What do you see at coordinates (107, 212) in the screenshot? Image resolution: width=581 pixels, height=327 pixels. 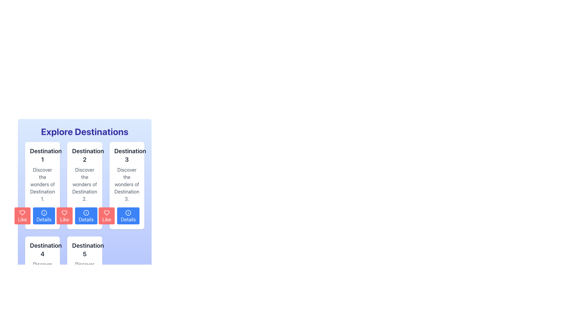 I see `the heart-shaped icon within the 'Like' button under the 'Destination 3' card in the 'Explore Destinations' section` at bounding box center [107, 212].